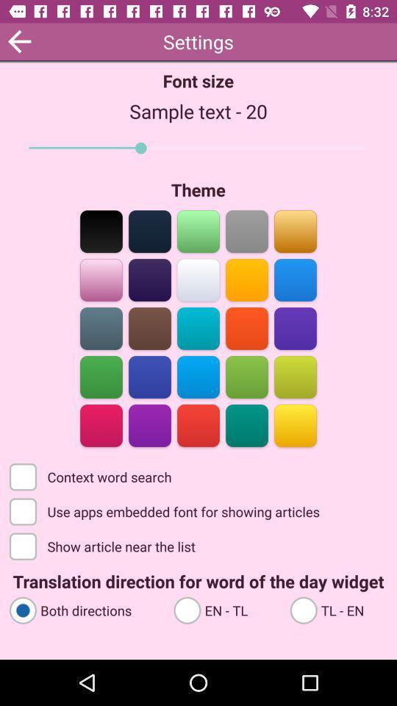 The height and width of the screenshot is (706, 397). What do you see at coordinates (246, 424) in the screenshot?
I see `selects color` at bounding box center [246, 424].